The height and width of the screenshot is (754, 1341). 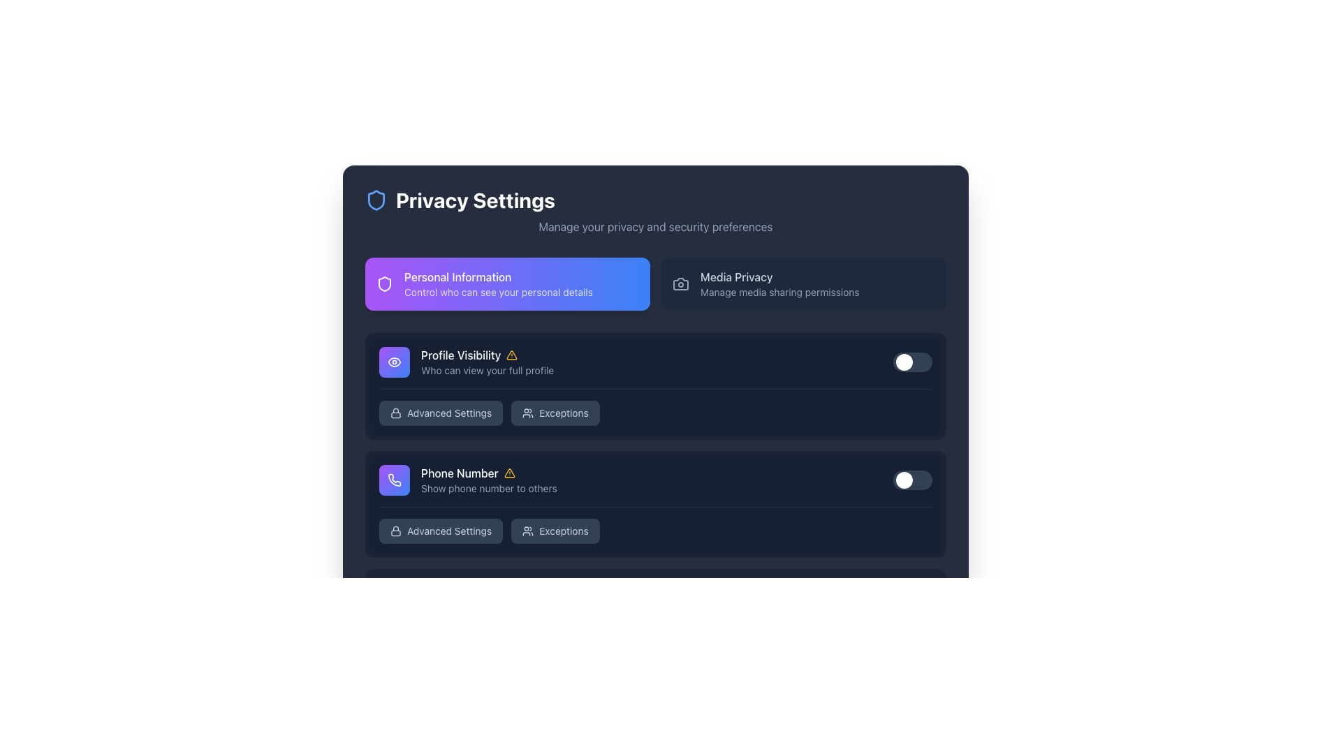 I want to click on the 'Exceptions' icon (SVG representation) located in the 'Profile Visibility' section, positioned to the left of the button's text, so click(x=527, y=412).